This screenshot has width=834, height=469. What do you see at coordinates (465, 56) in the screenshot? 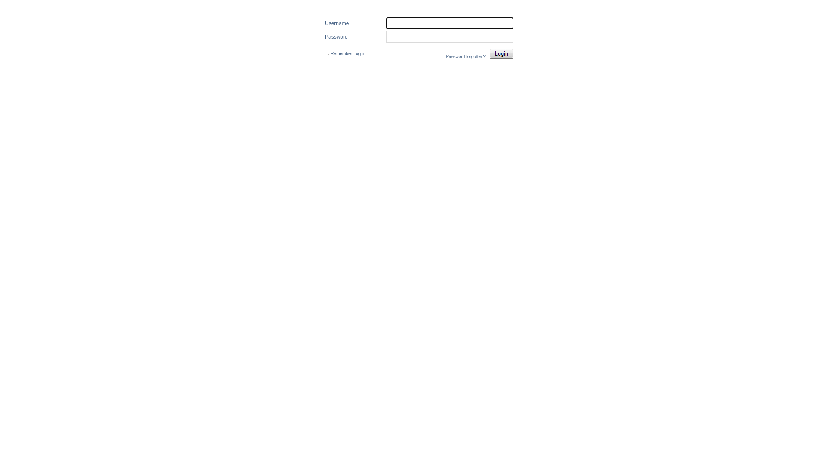
I see `'Password forgotten?'` at bounding box center [465, 56].